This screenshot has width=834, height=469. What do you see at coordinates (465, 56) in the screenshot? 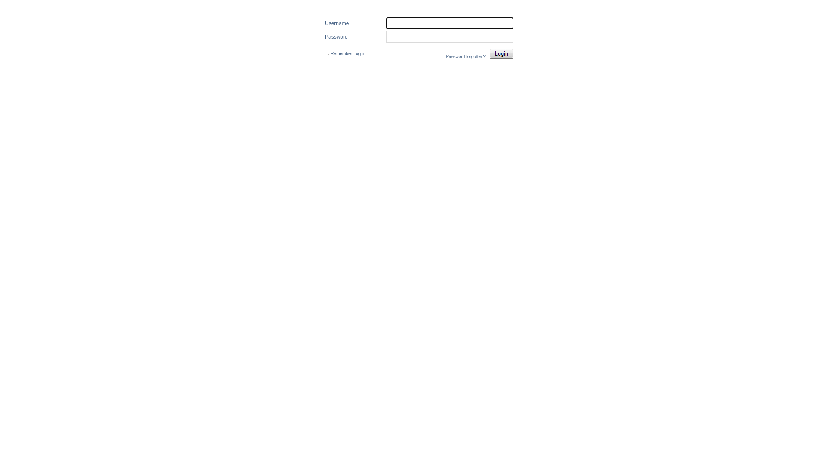
I see `'Password forgotten?'` at bounding box center [465, 56].